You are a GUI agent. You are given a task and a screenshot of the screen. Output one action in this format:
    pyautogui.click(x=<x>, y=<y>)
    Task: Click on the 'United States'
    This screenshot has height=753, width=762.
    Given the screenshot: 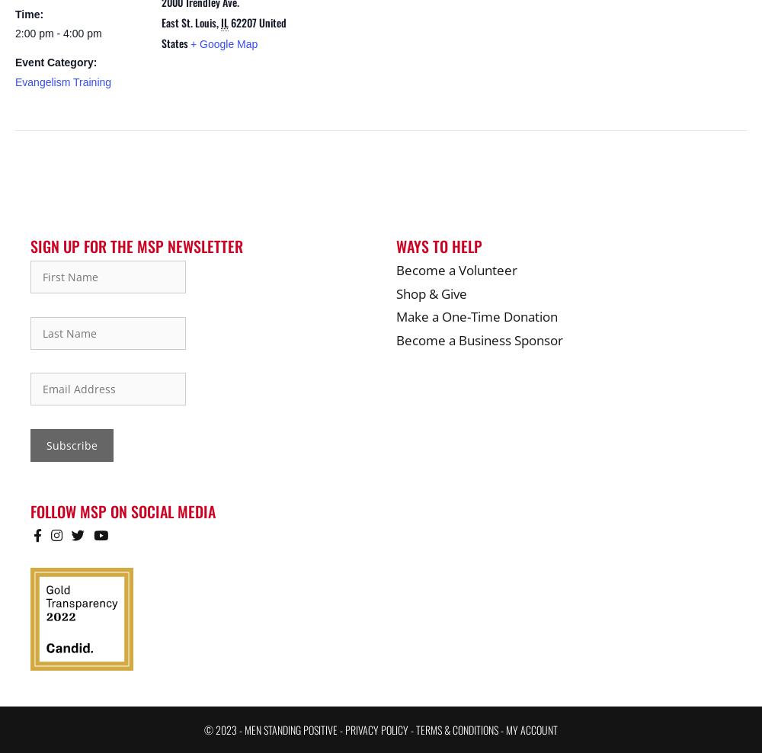 What is the action you would take?
    pyautogui.click(x=224, y=31)
    